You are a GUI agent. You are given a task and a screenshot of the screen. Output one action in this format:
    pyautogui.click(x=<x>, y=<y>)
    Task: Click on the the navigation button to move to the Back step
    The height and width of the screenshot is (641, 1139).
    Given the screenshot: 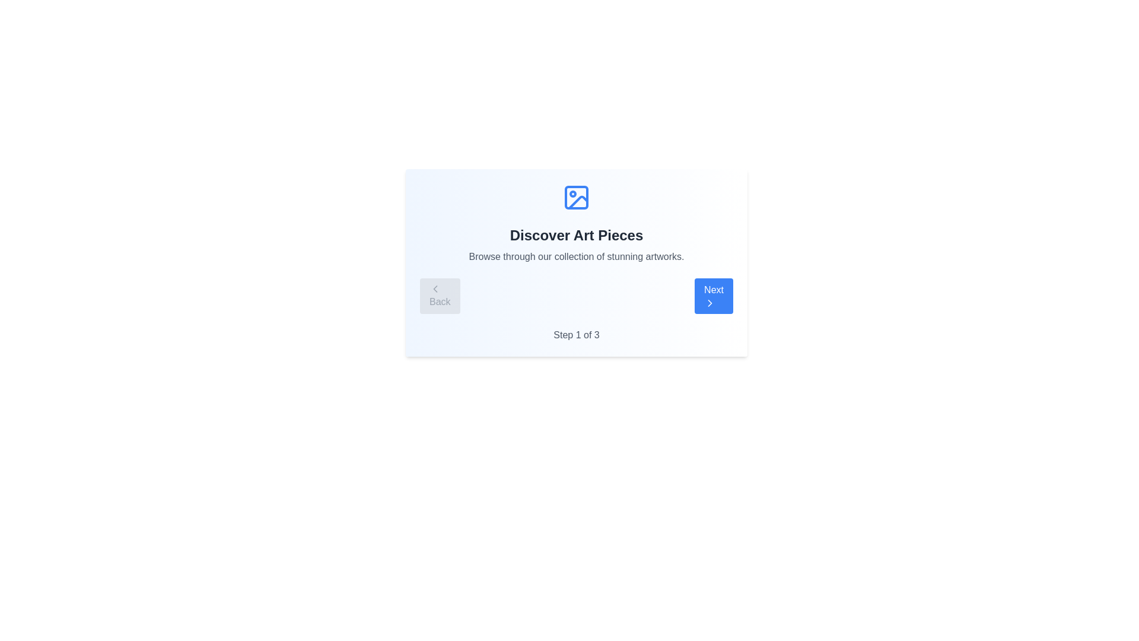 What is the action you would take?
    pyautogui.click(x=439, y=295)
    